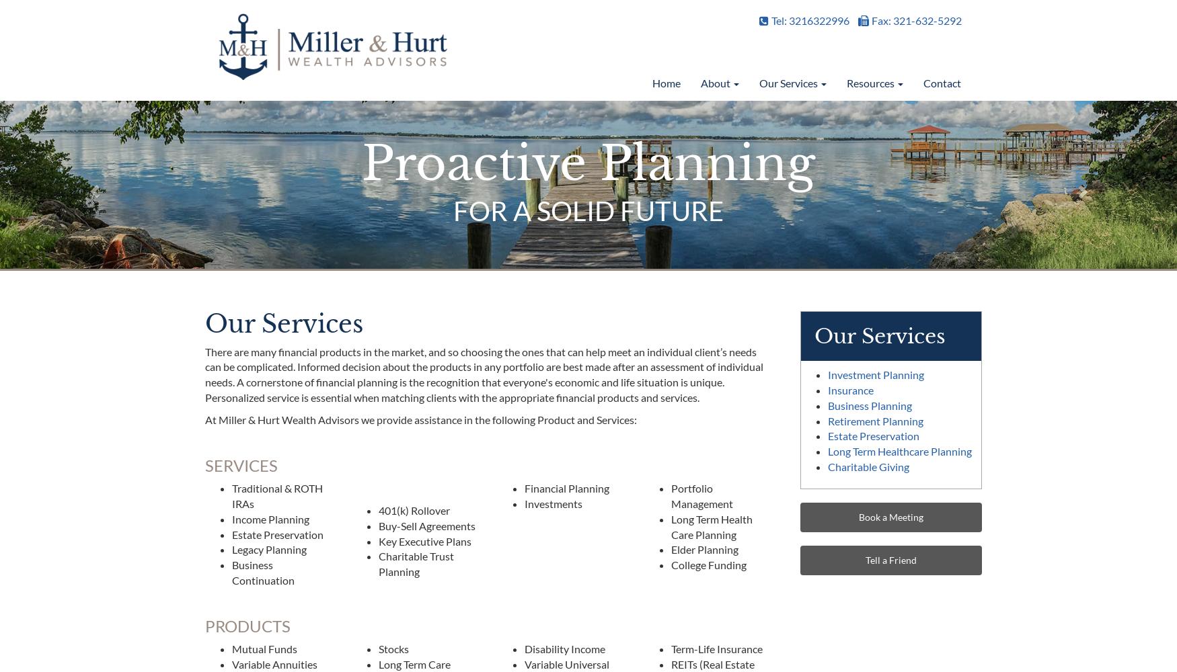 This screenshot has height=672, width=1177. Describe the element at coordinates (274, 663) in the screenshot. I see `'Variable Annuities'` at that location.